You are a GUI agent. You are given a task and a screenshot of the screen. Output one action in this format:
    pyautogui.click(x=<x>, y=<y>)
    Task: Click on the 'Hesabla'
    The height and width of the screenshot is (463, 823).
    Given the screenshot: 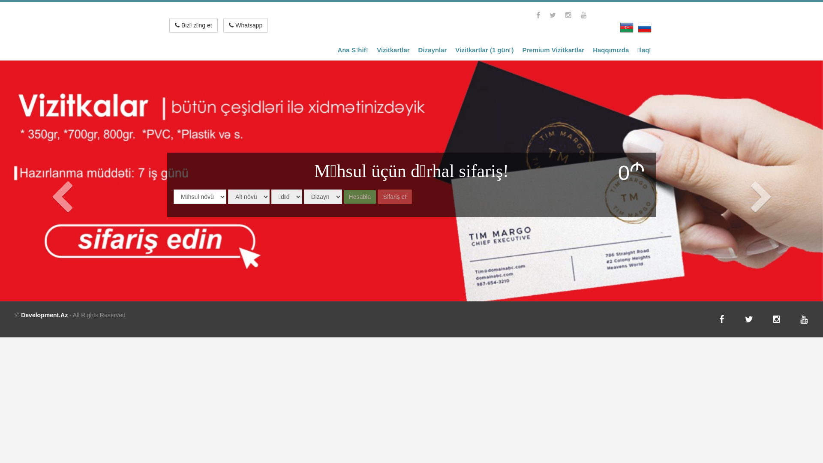 What is the action you would take?
    pyautogui.click(x=360, y=196)
    